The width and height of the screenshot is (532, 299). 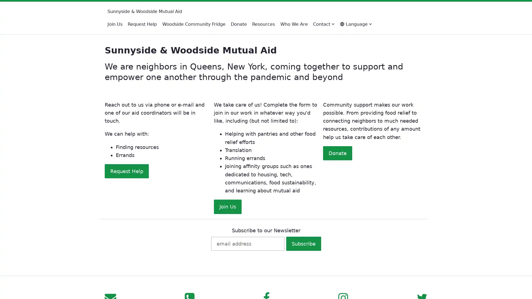 I want to click on Language, so click(x=355, y=24).